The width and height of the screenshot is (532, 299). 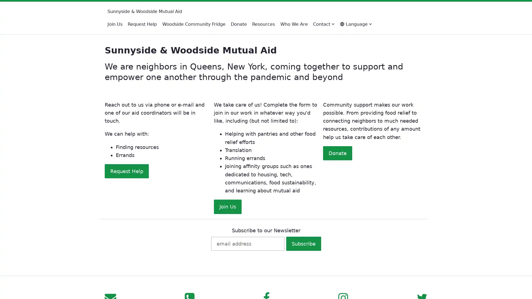 I want to click on Language, so click(x=355, y=24).